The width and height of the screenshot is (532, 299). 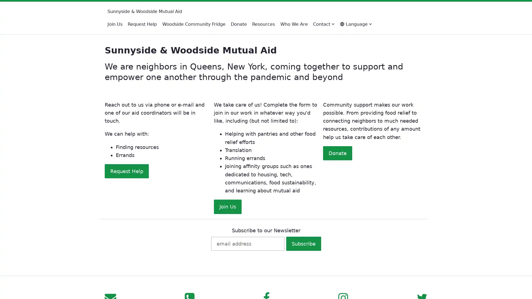 I want to click on Language, so click(x=355, y=24).